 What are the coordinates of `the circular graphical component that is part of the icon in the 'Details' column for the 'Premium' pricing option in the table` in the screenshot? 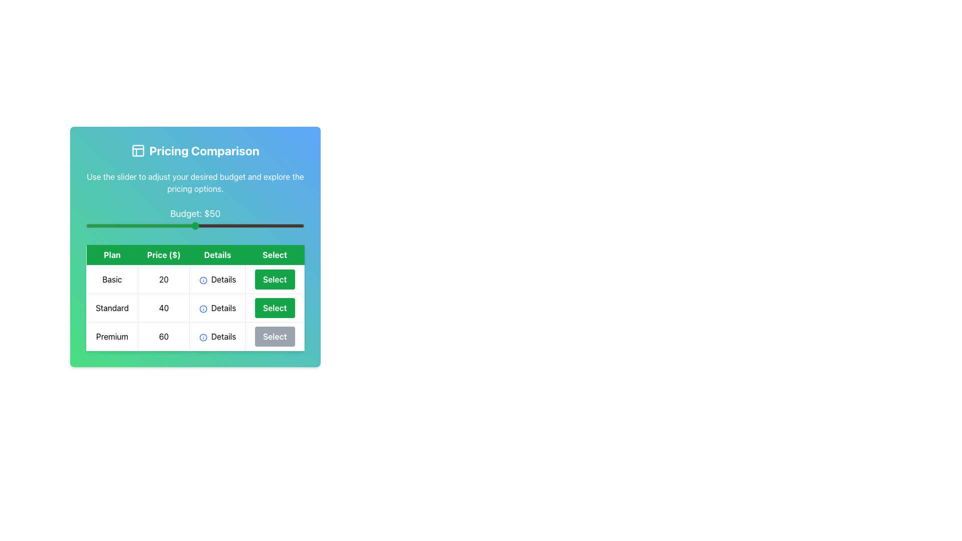 It's located at (202, 337).